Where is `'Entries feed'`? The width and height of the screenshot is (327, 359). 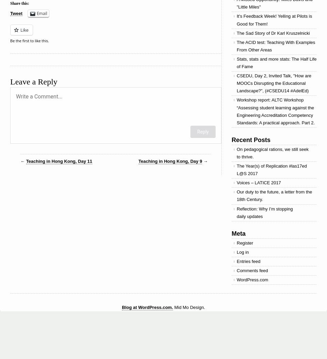 'Entries feed' is located at coordinates (248, 261).